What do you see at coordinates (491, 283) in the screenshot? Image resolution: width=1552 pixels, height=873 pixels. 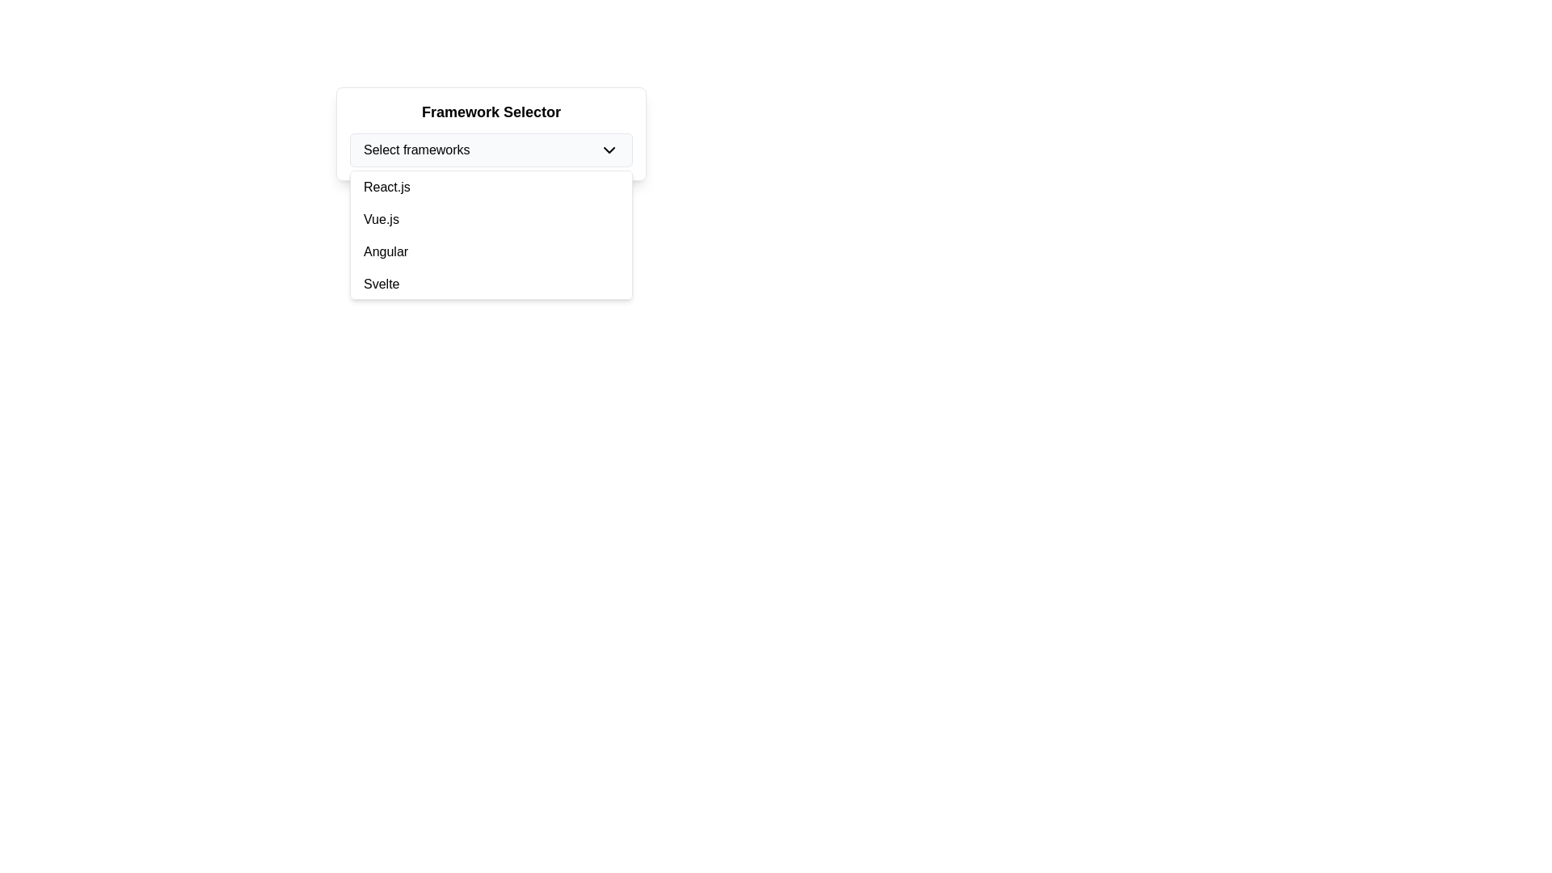 I see `the 'Svelte' option in the dropdown menu` at bounding box center [491, 283].